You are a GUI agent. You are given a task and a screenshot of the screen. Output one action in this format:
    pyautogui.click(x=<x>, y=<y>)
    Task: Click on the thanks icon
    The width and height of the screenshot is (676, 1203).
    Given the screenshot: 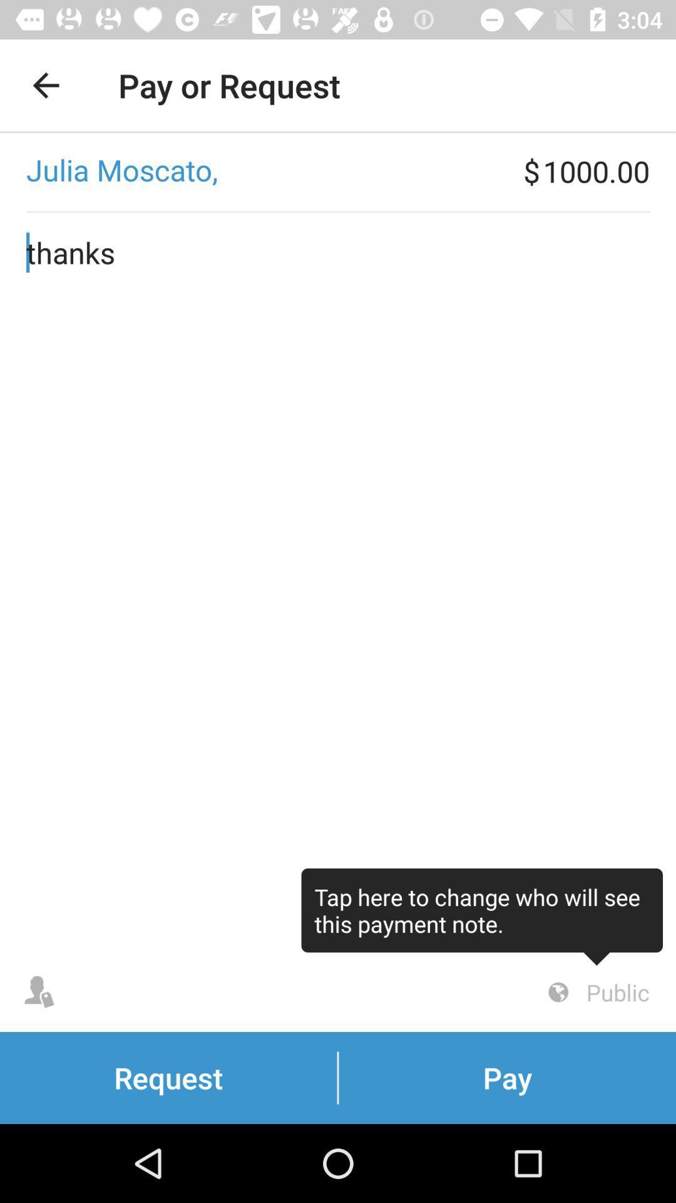 What is the action you would take?
    pyautogui.click(x=338, y=582)
    